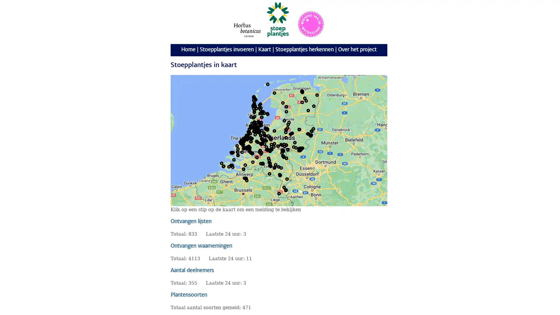 The width and height of the screenshot is (560, 315). Describe the element at coordinates (247, 139) in the screenshot. I see `Telling van Denice op 04 juni 2022` at that location.